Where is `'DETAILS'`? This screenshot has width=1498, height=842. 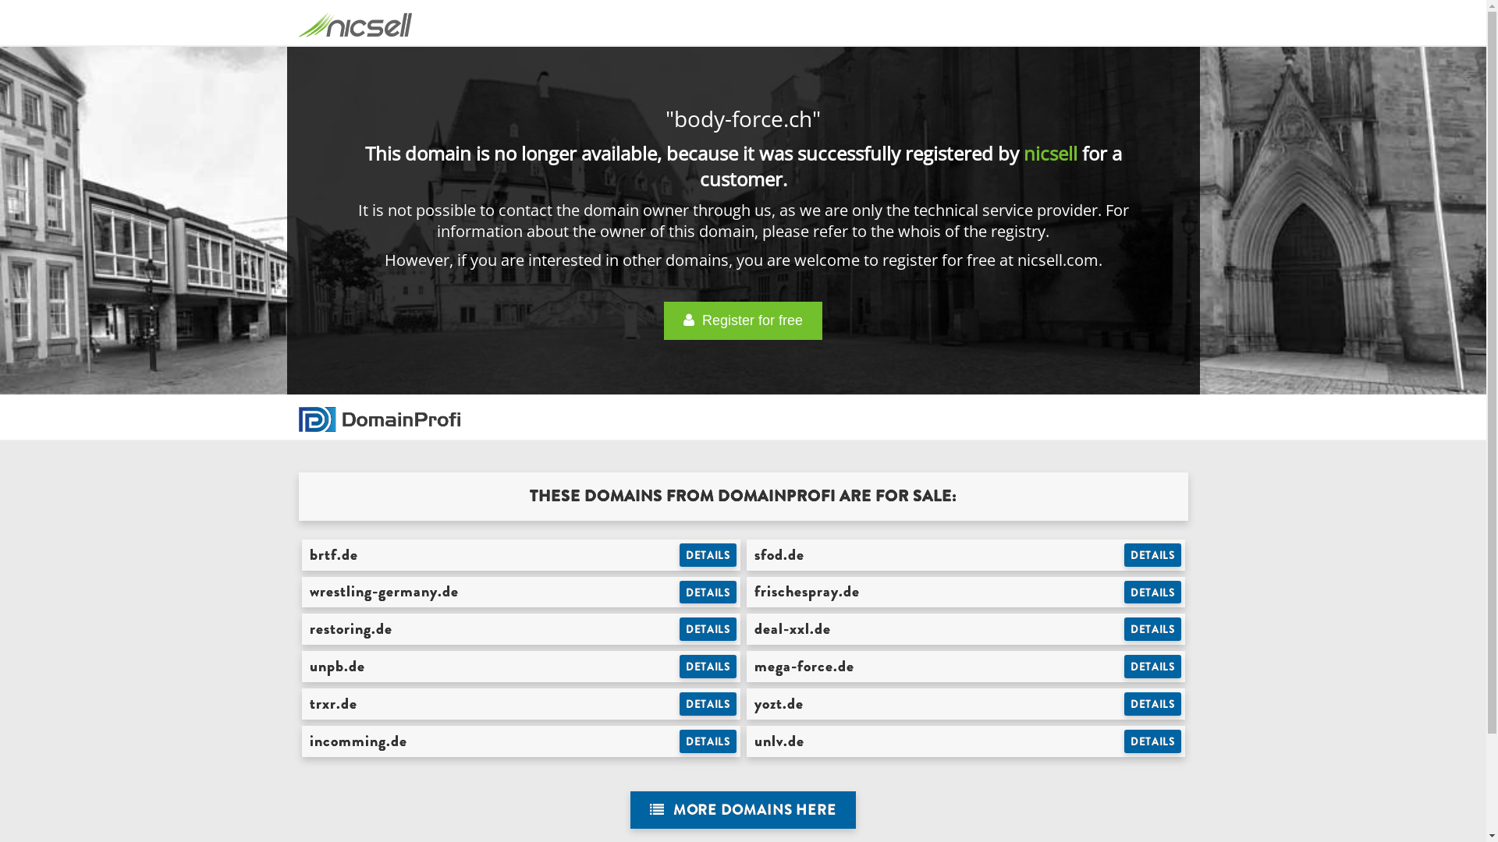 'DETAILS' is located at coordinates (679, 554).